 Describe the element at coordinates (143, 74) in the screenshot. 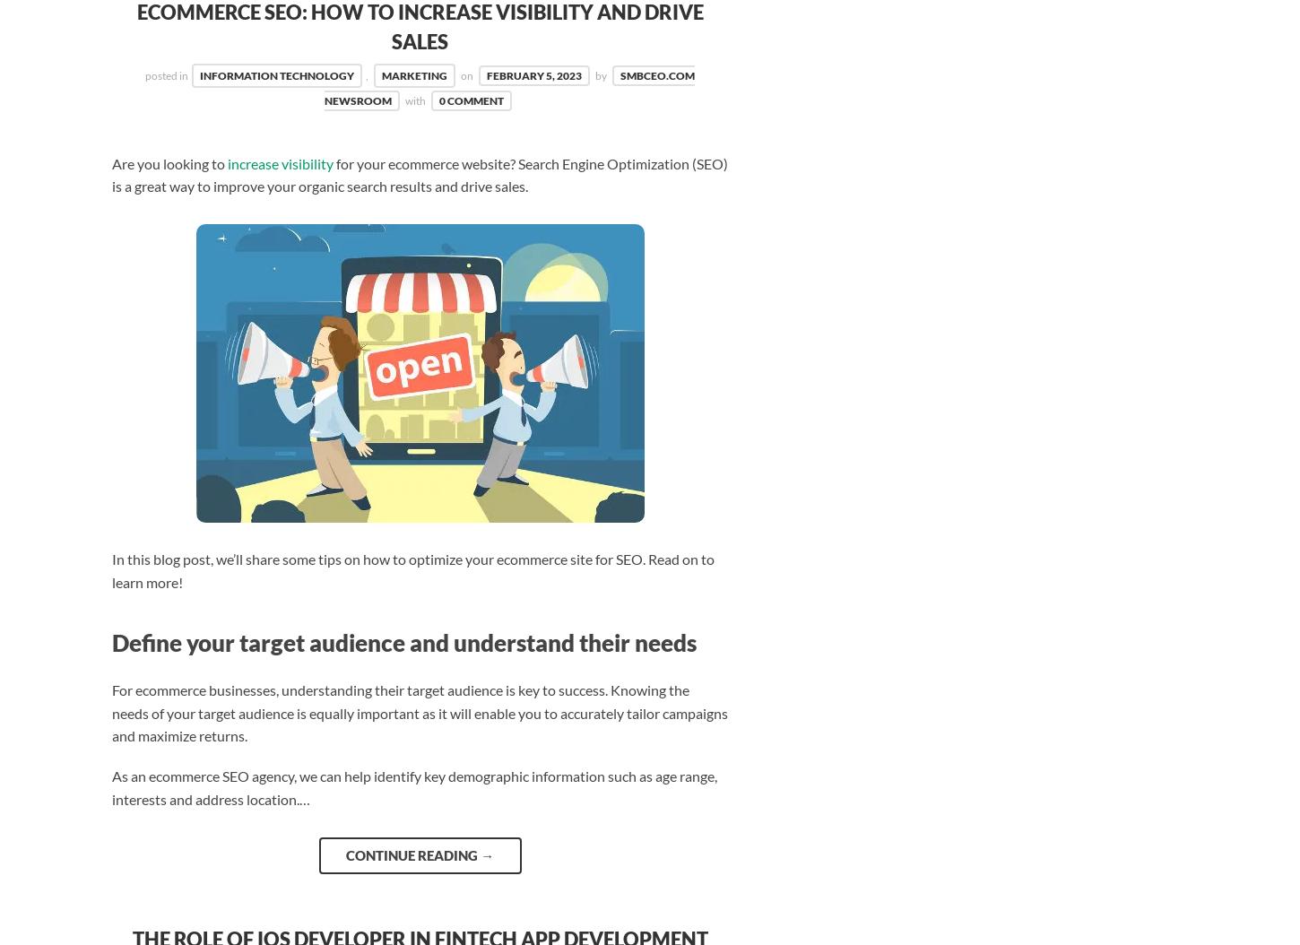

I see `'posted in'` at that location.